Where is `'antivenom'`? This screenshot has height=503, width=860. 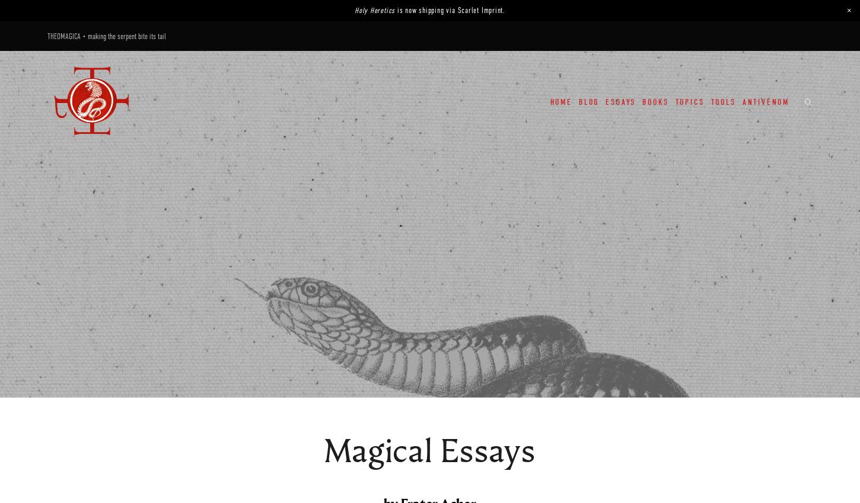 'antivenom' is located at coordinates (765, 101).